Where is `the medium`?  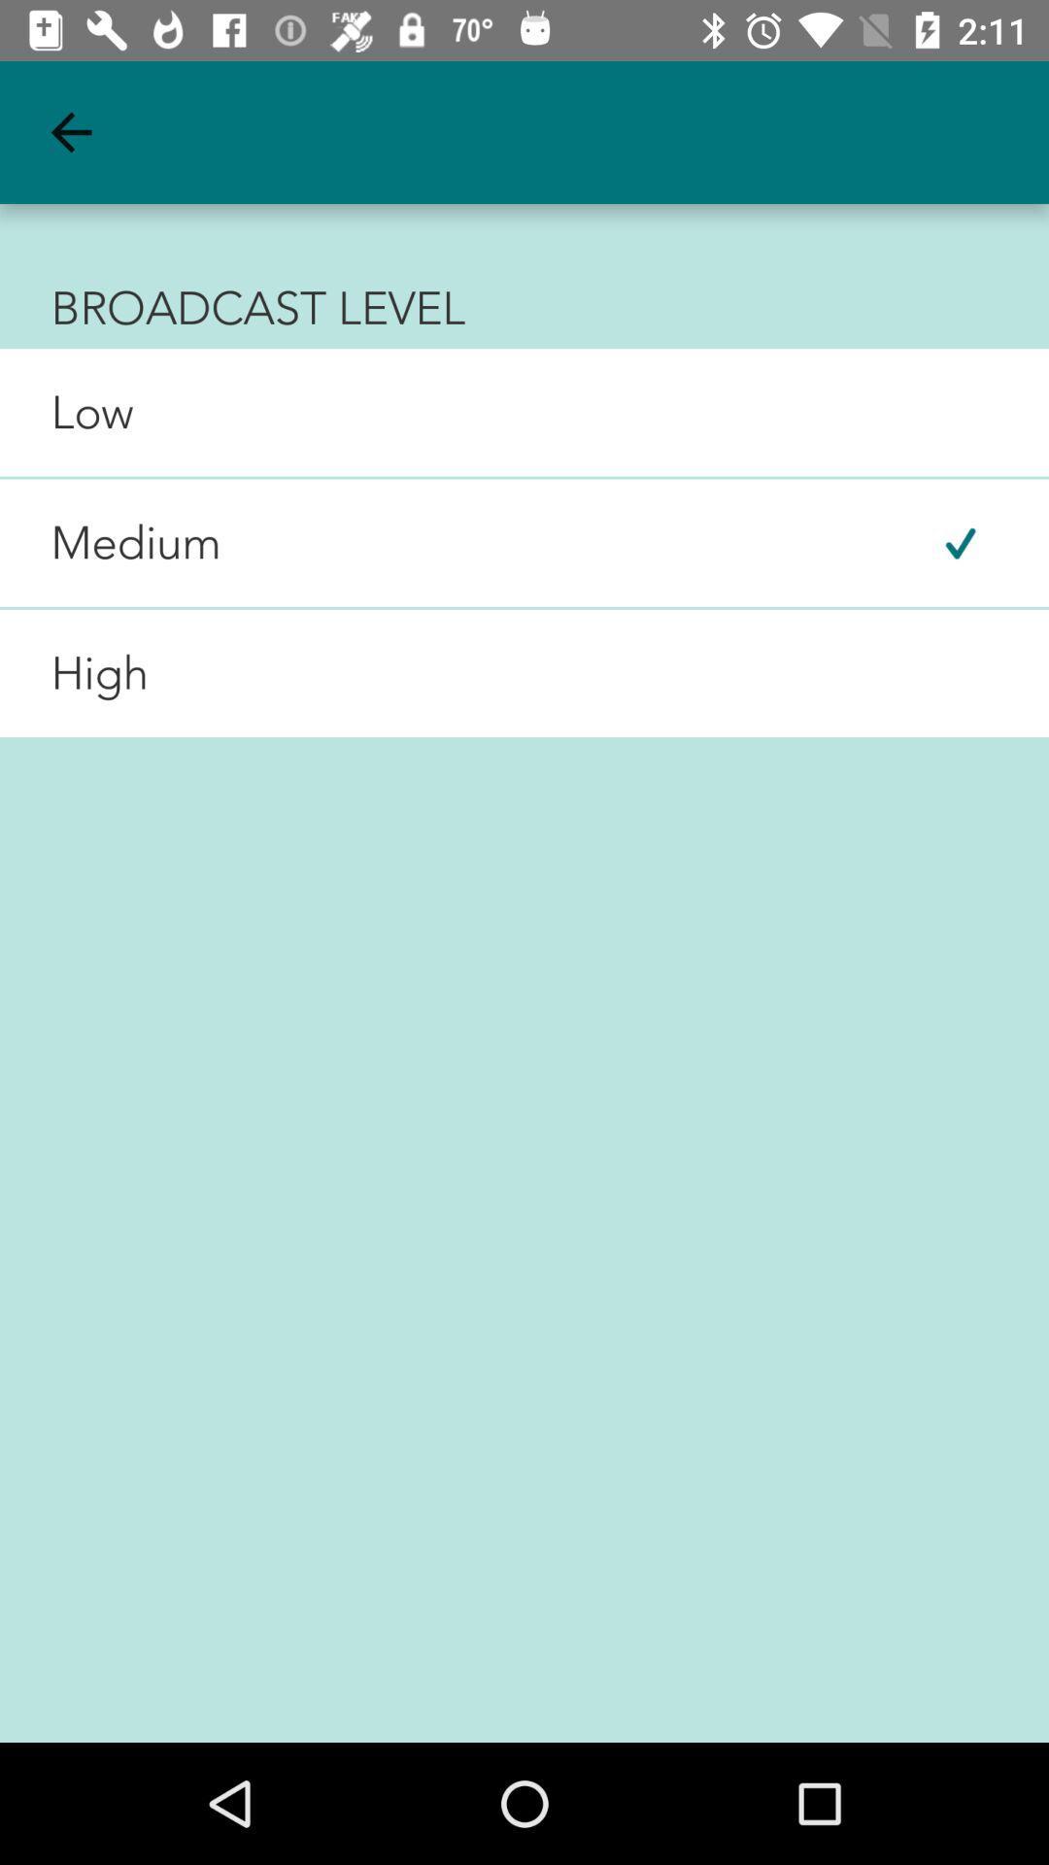 the medium is located at coordinates (111, 543).